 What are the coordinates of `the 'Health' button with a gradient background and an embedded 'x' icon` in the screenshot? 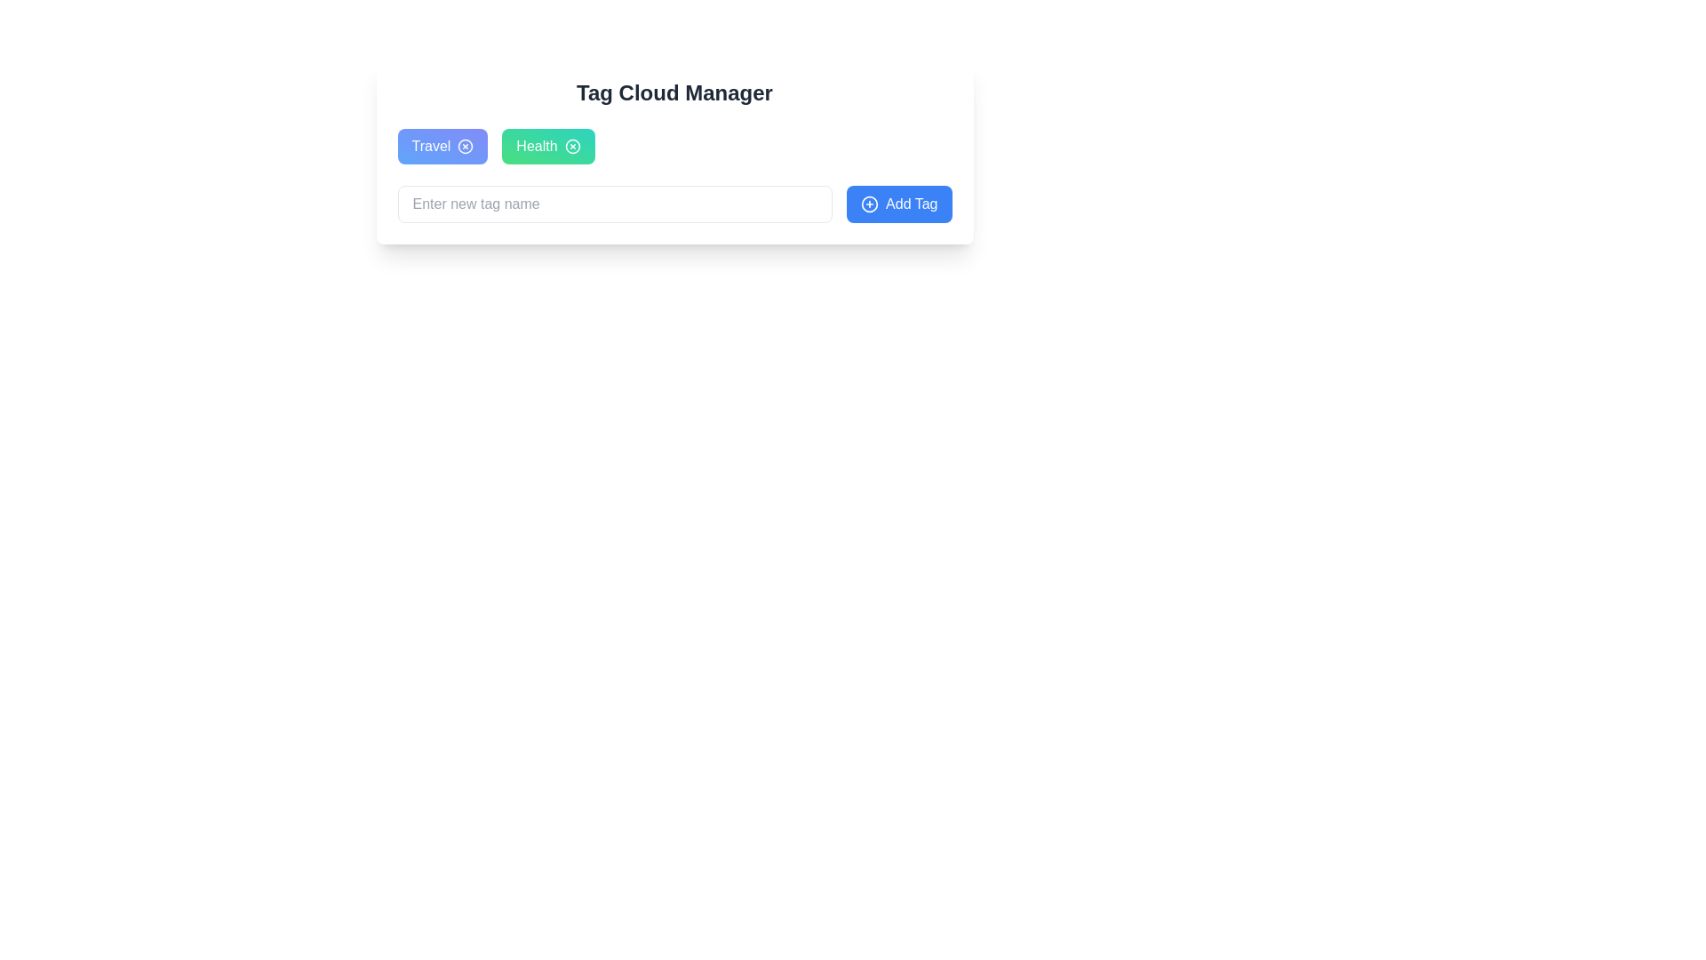 It's located at (547, 146).